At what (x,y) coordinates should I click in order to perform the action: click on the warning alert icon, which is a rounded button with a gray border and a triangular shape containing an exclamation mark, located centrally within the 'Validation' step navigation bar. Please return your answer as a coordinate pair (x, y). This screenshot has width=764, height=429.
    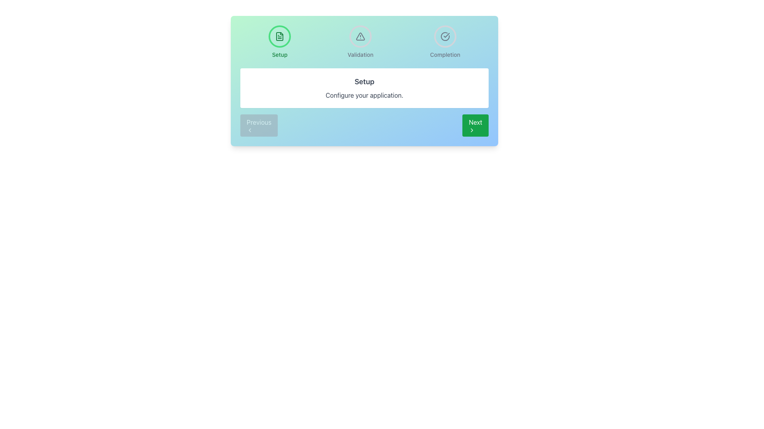
    Looking at the image, I should click on (360, 37).